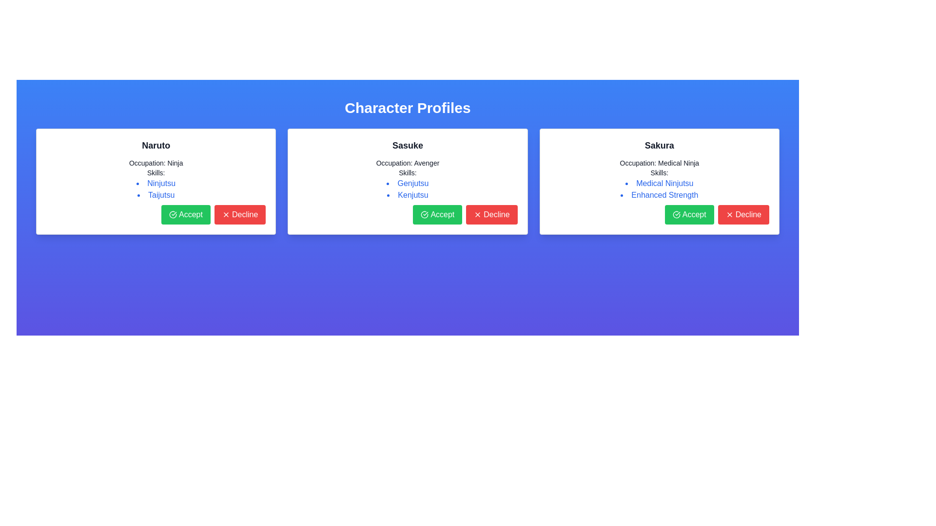  I want to click on the text-based informational block displaying the character's occupation and skills, specifically located in the 'Naruto' card layout, so click(156, 180).